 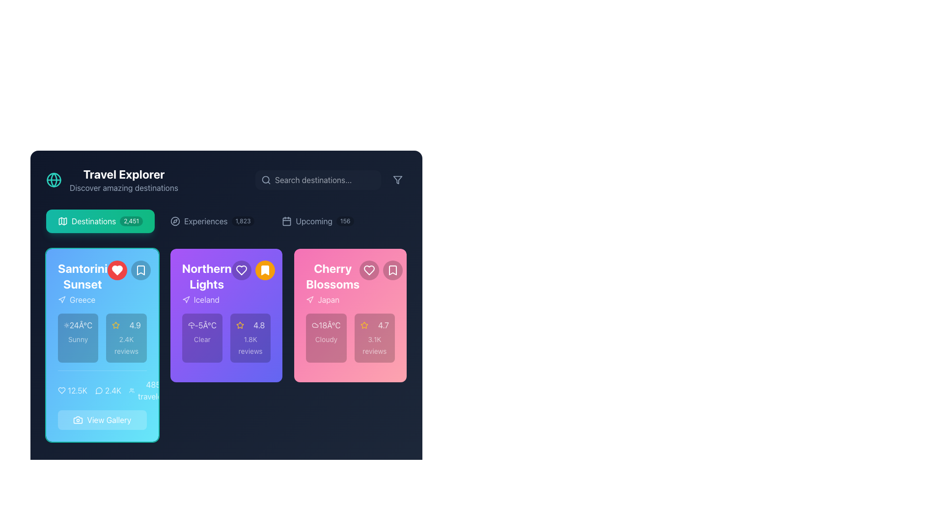 What do you see at coordinates (117, 270) in the screenshot?
I see `the leftmost icon in the top row of the 'Santorini Sunset' card, which represents adding the item to favorites` at bounding box center [117, 270].